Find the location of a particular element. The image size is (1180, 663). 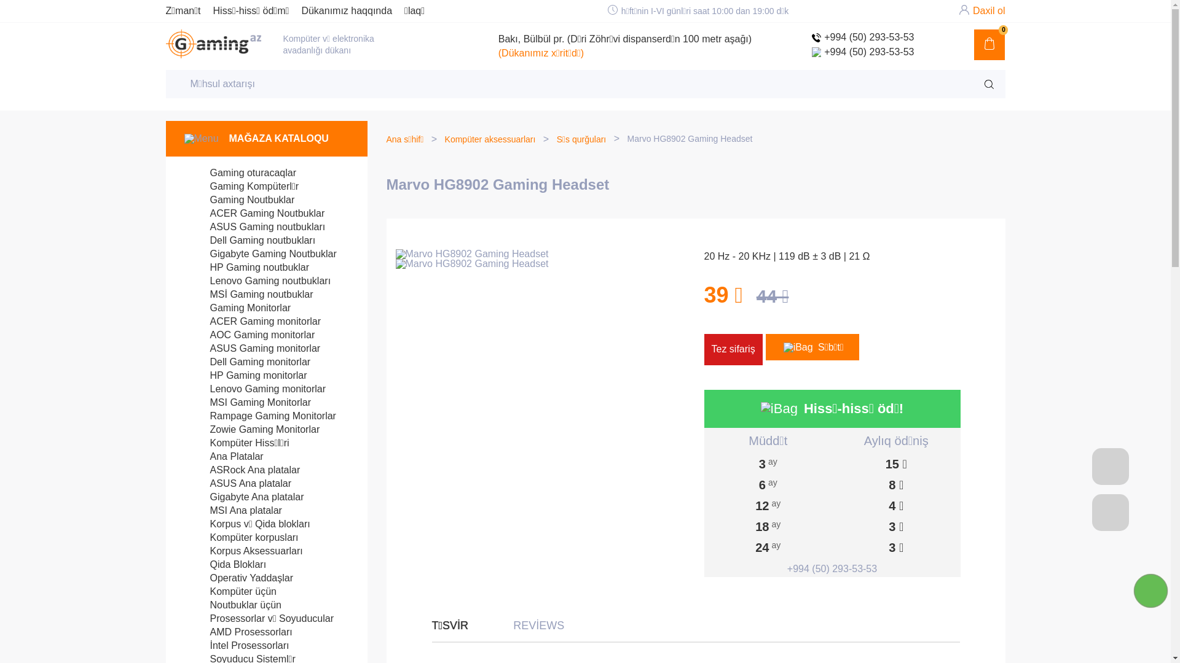

'Gaming Monitorlar' is located at coordinates (238, 307).